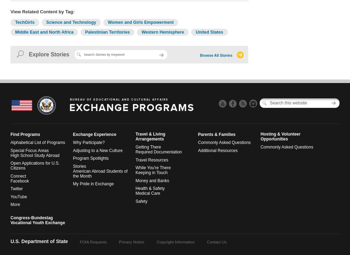 Image resolution: width=350 pixels, height=255 pixels. I want to click on 'Middle East and North Africa', so click(44, 32).